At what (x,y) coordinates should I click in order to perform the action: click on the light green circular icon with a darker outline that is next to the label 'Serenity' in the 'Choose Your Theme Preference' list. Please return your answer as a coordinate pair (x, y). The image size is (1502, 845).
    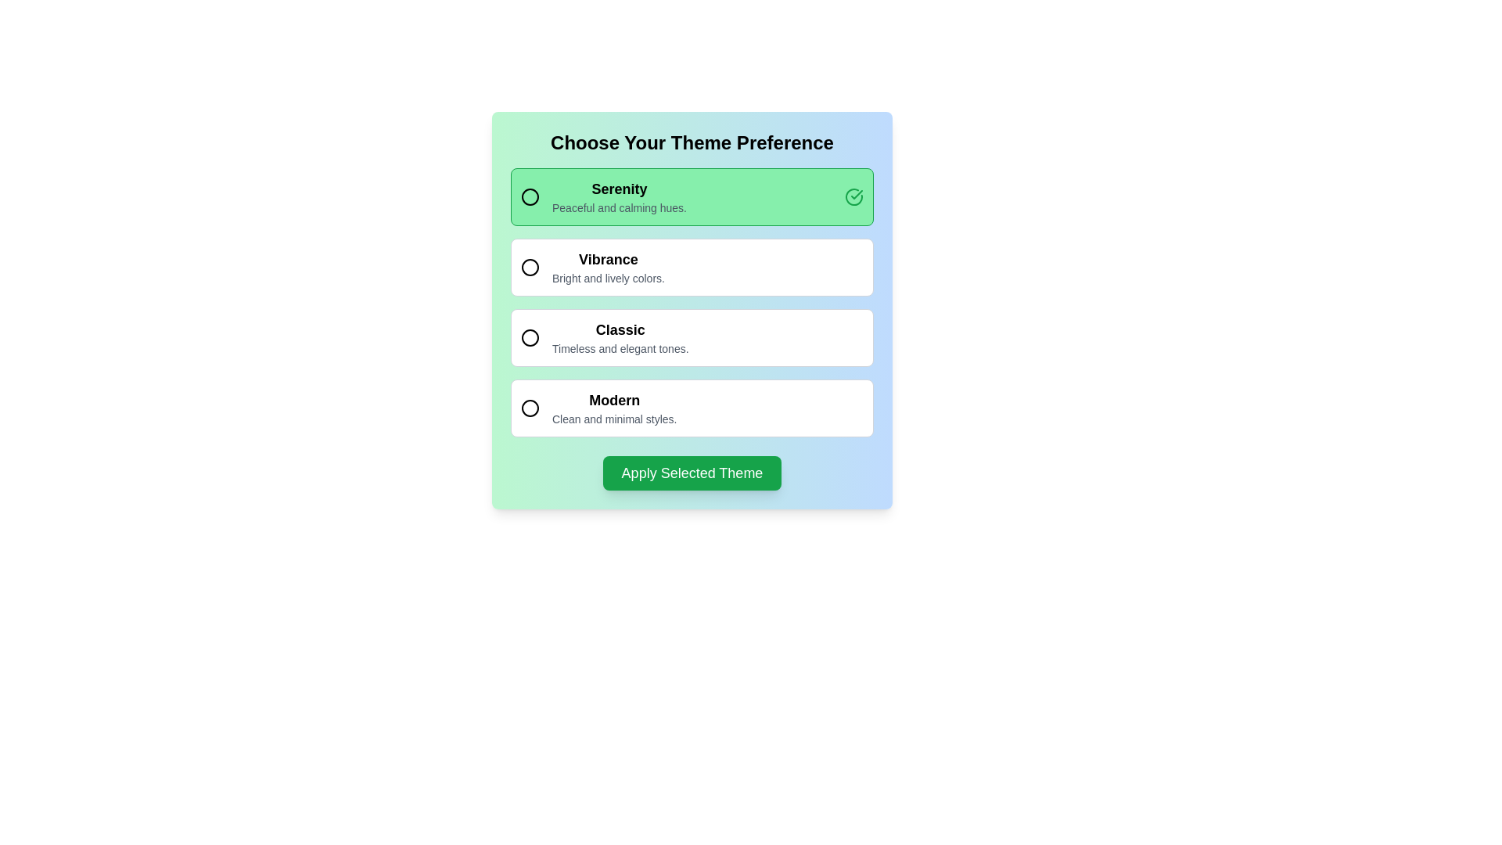
    Looking at the image, I should click on (530, 196).